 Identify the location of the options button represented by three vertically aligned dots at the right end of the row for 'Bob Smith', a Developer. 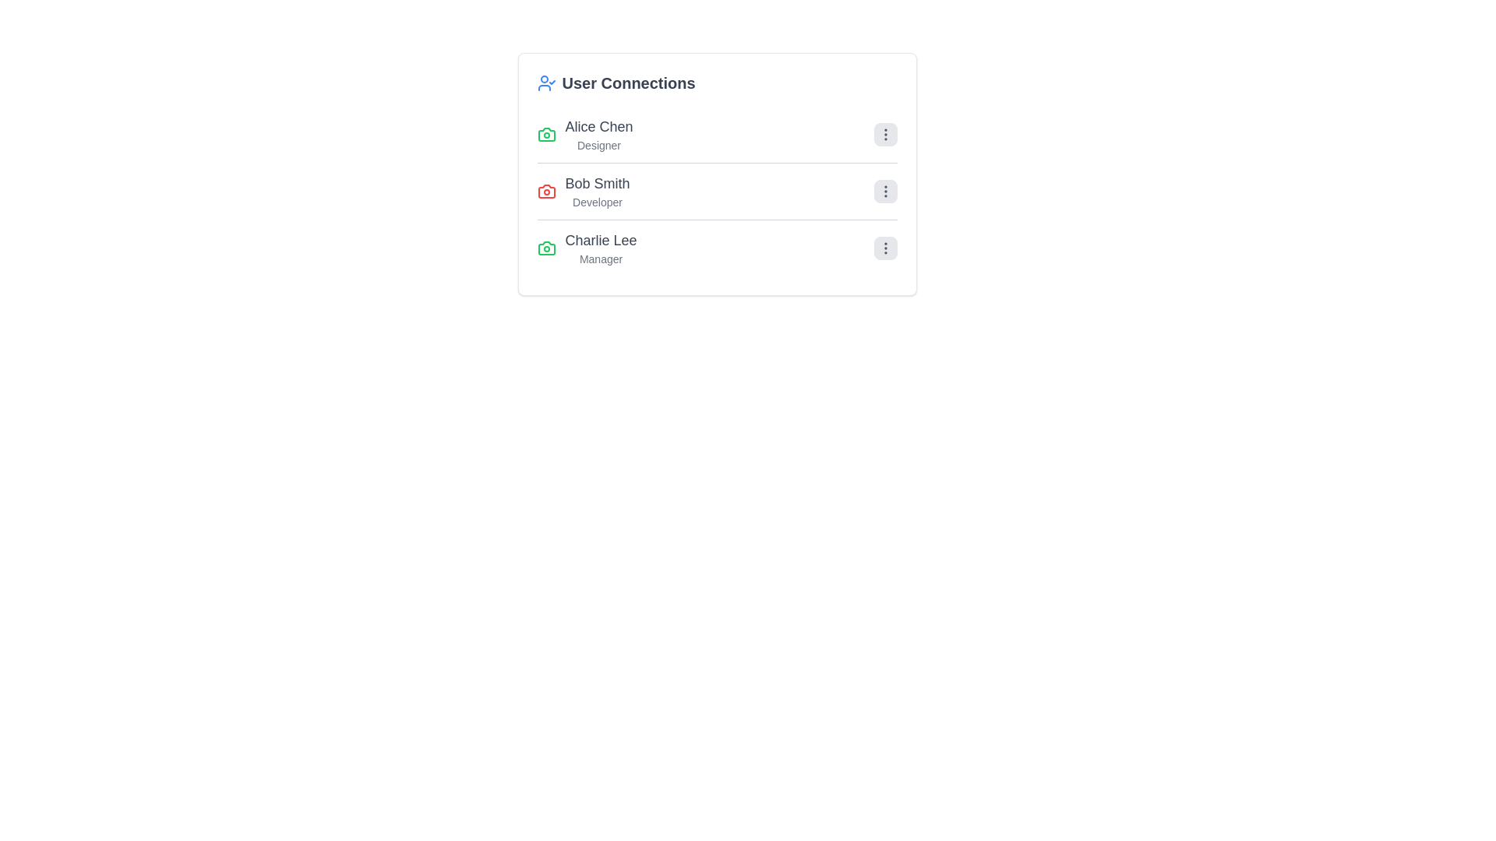
(885, 191).